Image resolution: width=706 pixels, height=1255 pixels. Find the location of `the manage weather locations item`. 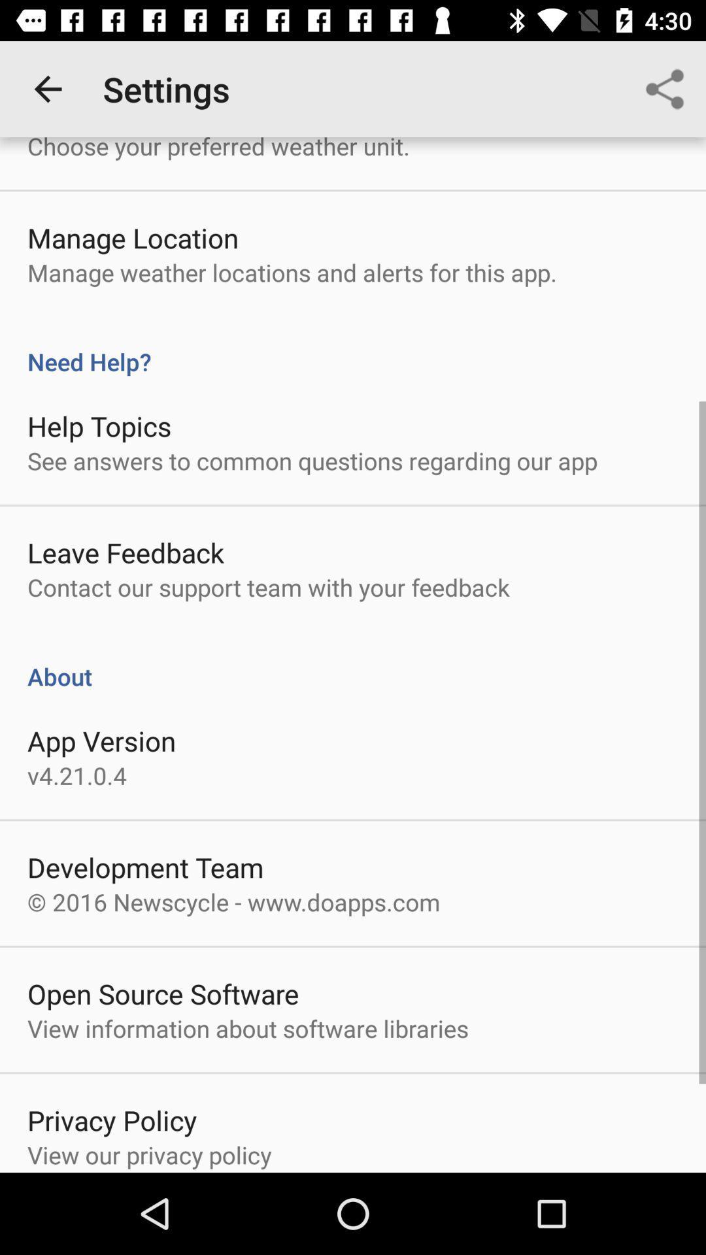

the manage weather locations item is located at coordinates (292, 272).